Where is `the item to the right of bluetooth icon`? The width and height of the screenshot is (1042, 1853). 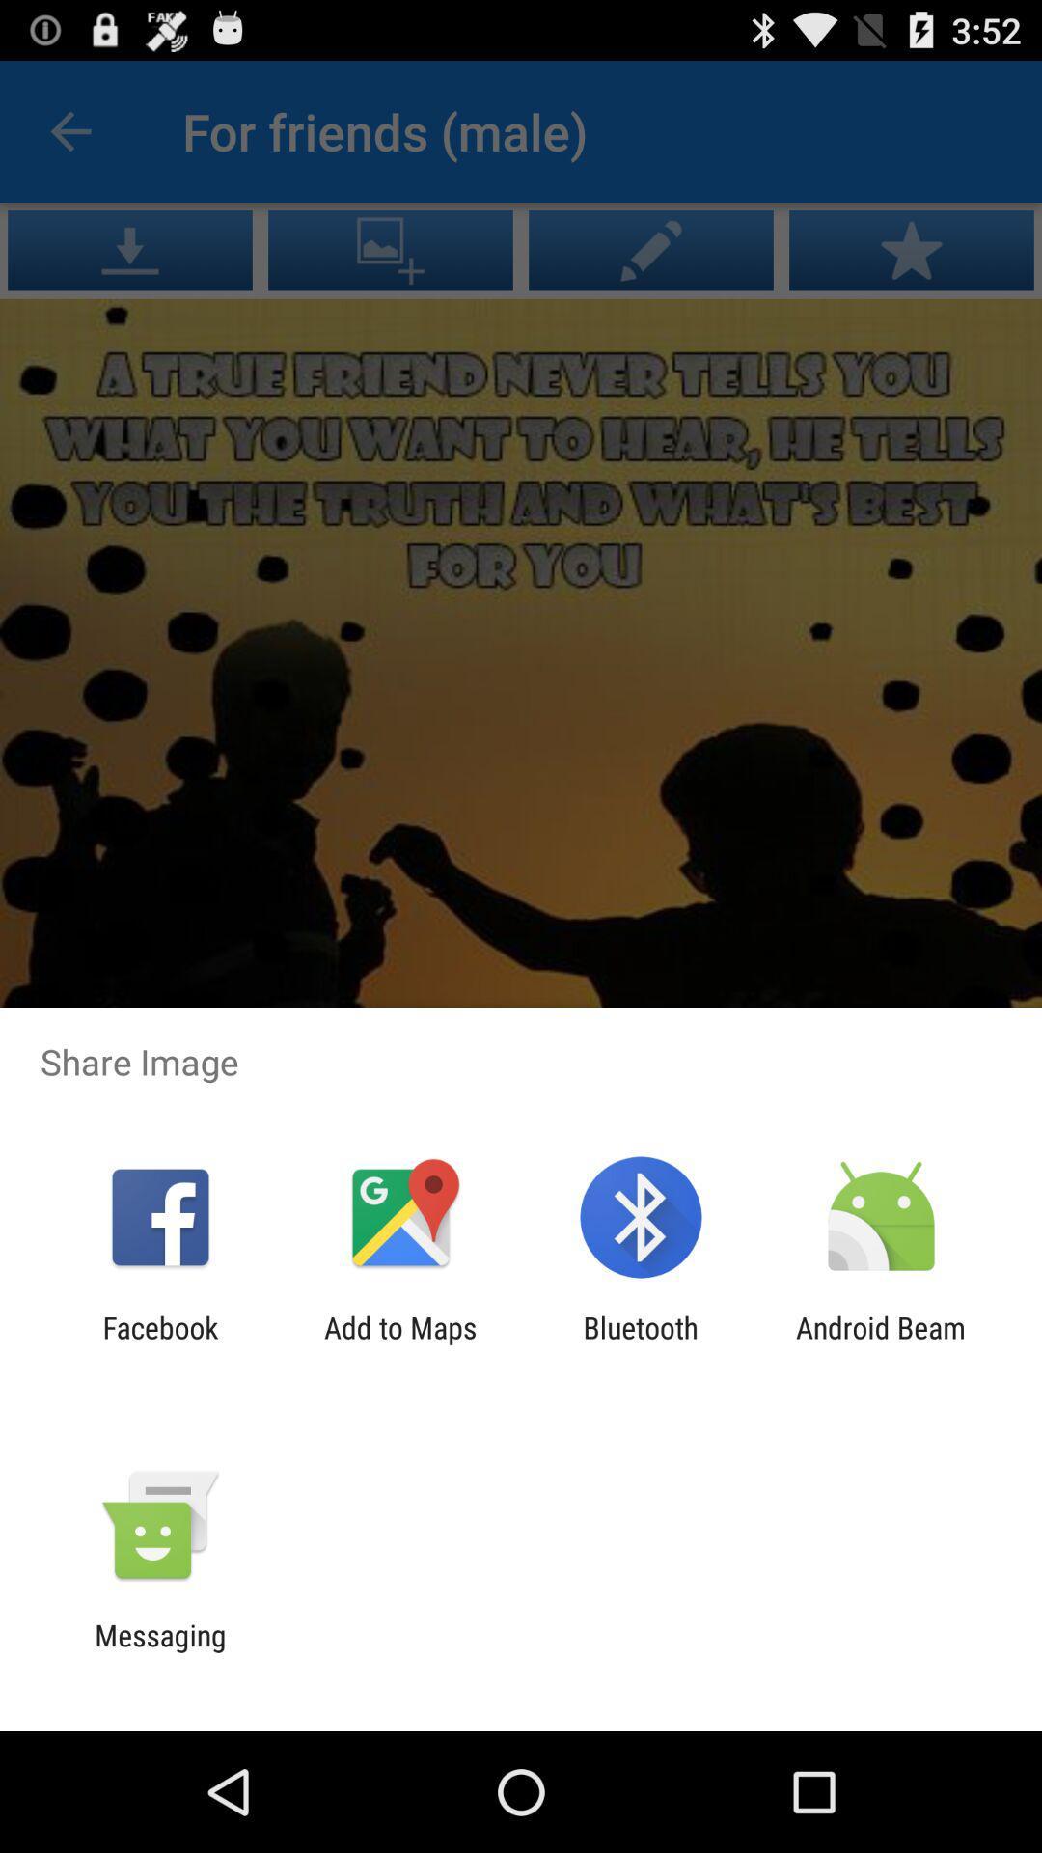
the item to the right of bluetooth icon is located at coordinates (881, 1343).